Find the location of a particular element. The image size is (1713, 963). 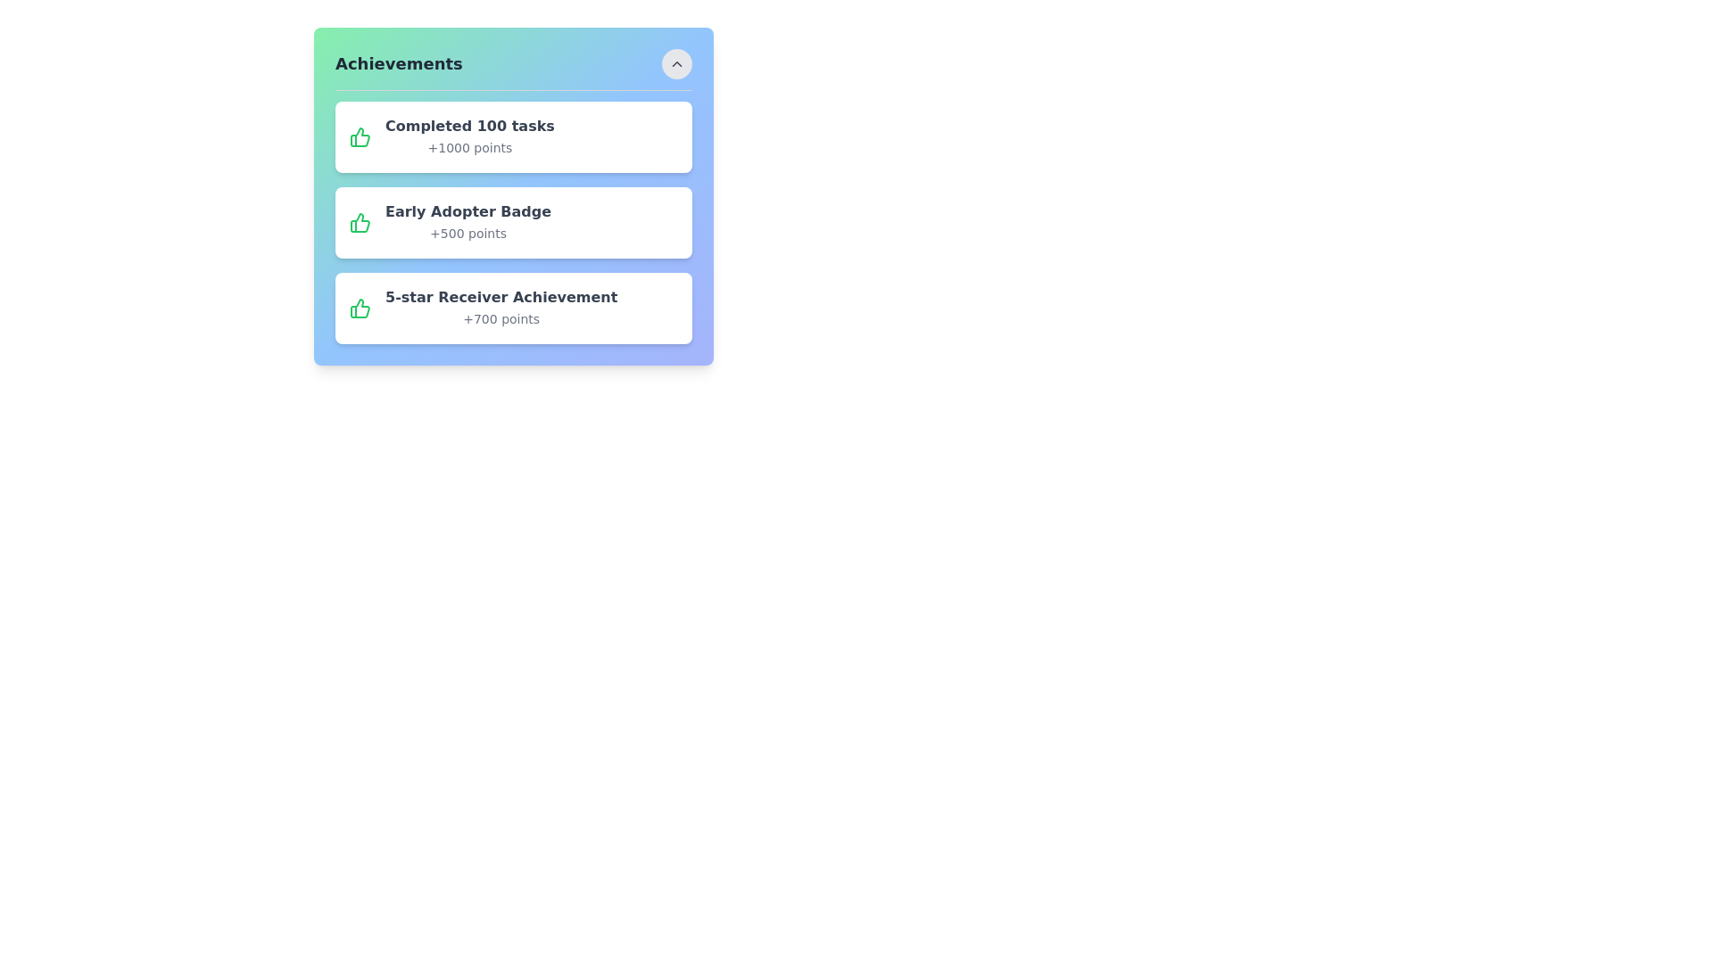

the circular button with a light gray background and a black chevron-up icon located at the top-right corner of the 'Achievements' section is located at coordinates (675, 63).